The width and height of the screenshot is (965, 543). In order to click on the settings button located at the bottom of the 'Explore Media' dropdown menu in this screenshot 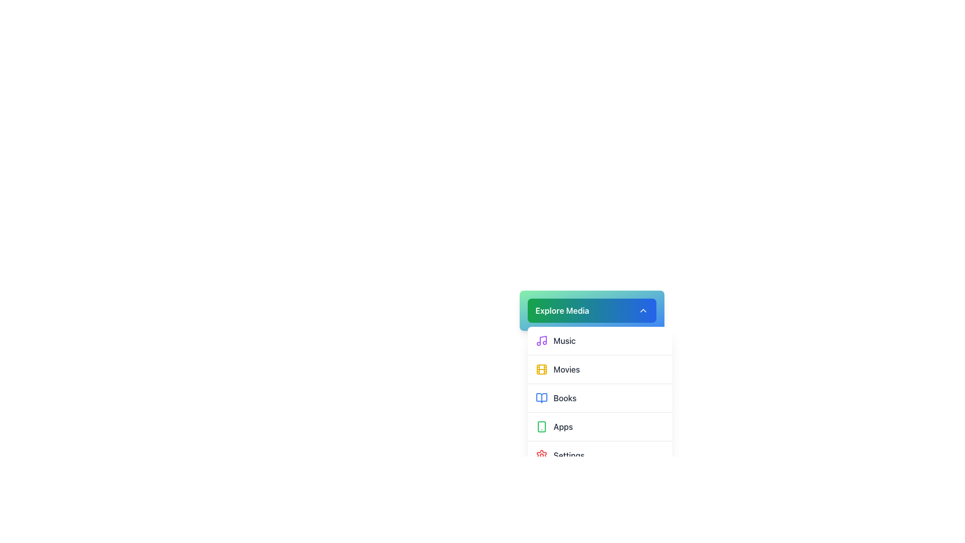, I will do `click(600, 455)`.